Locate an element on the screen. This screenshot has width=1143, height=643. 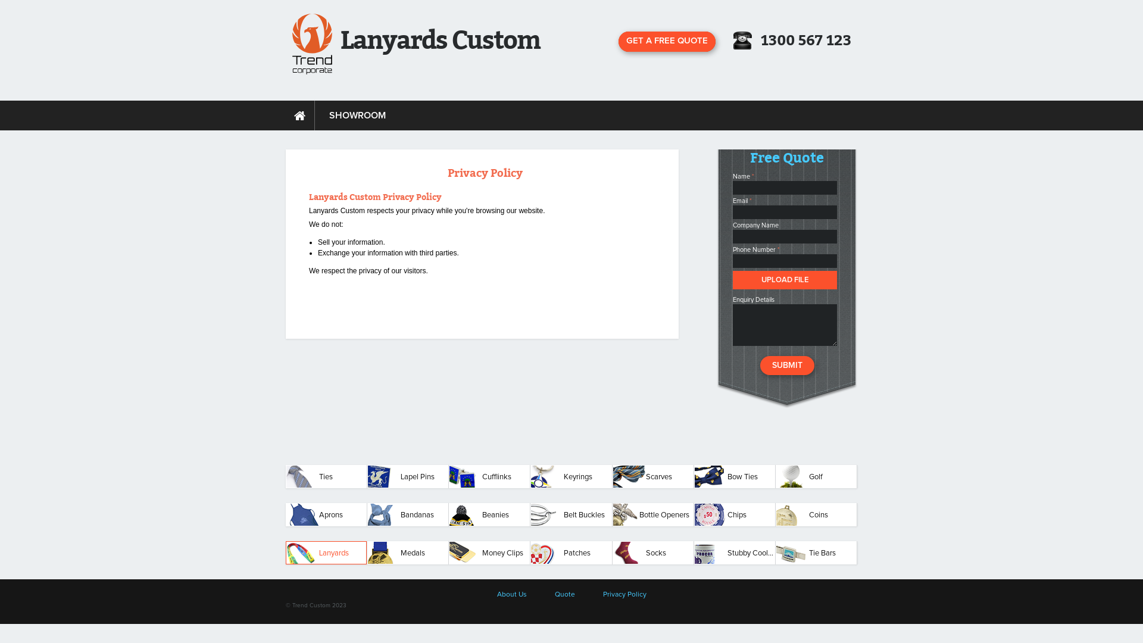
'Aprons' is located at coordinates (326, 514).